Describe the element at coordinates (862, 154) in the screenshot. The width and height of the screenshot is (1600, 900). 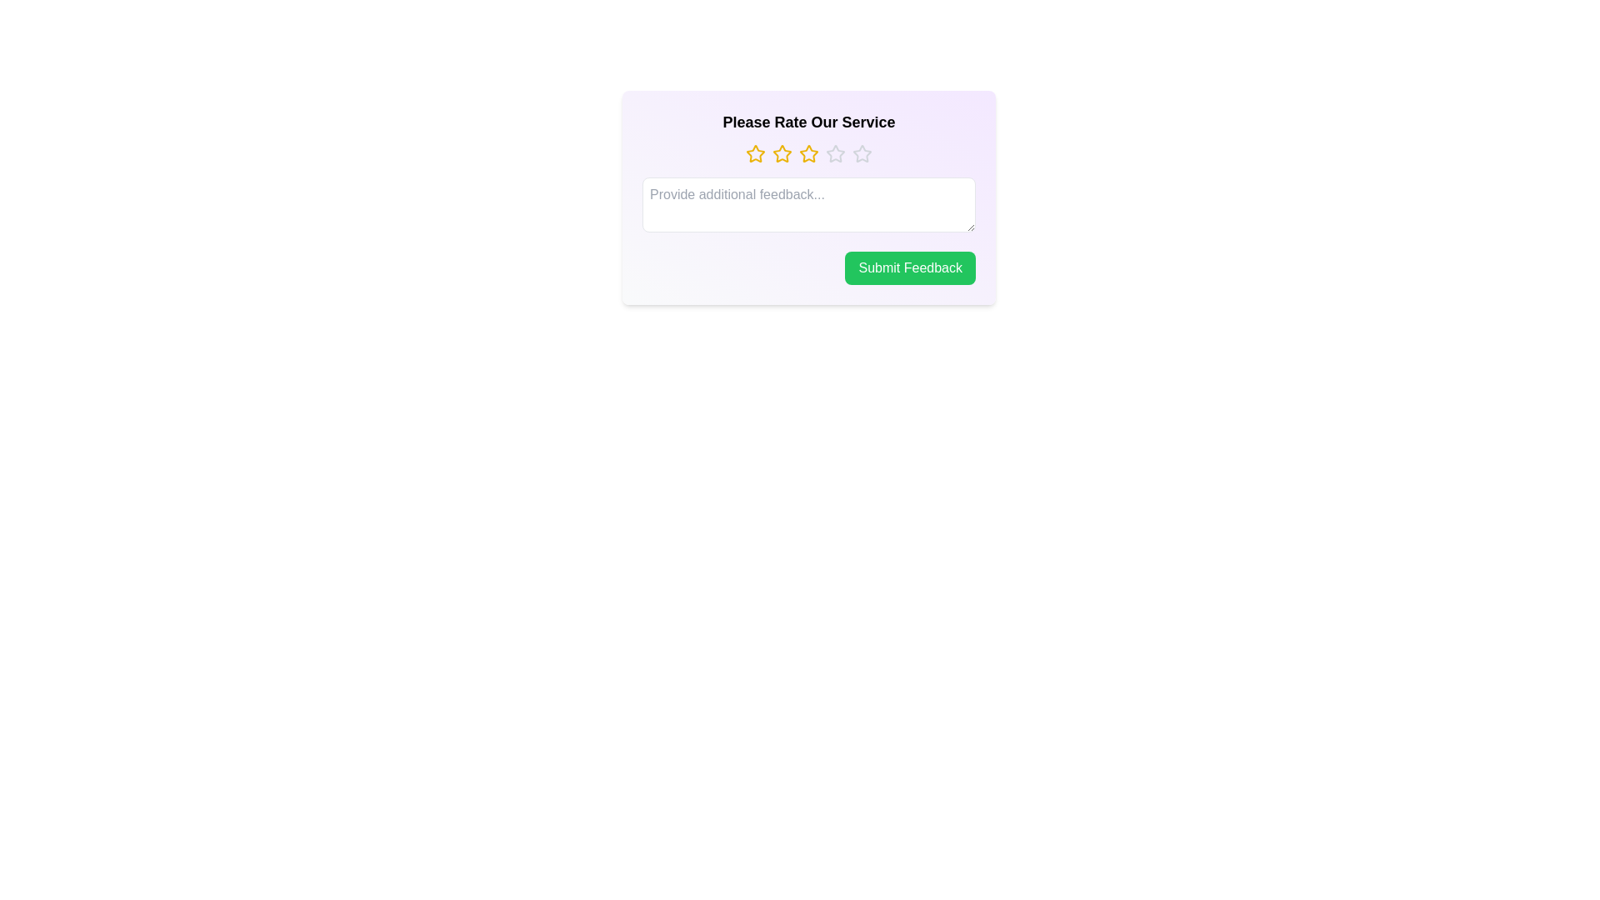
I see `the star corresponding to the 5 value to set the rating` at that location.